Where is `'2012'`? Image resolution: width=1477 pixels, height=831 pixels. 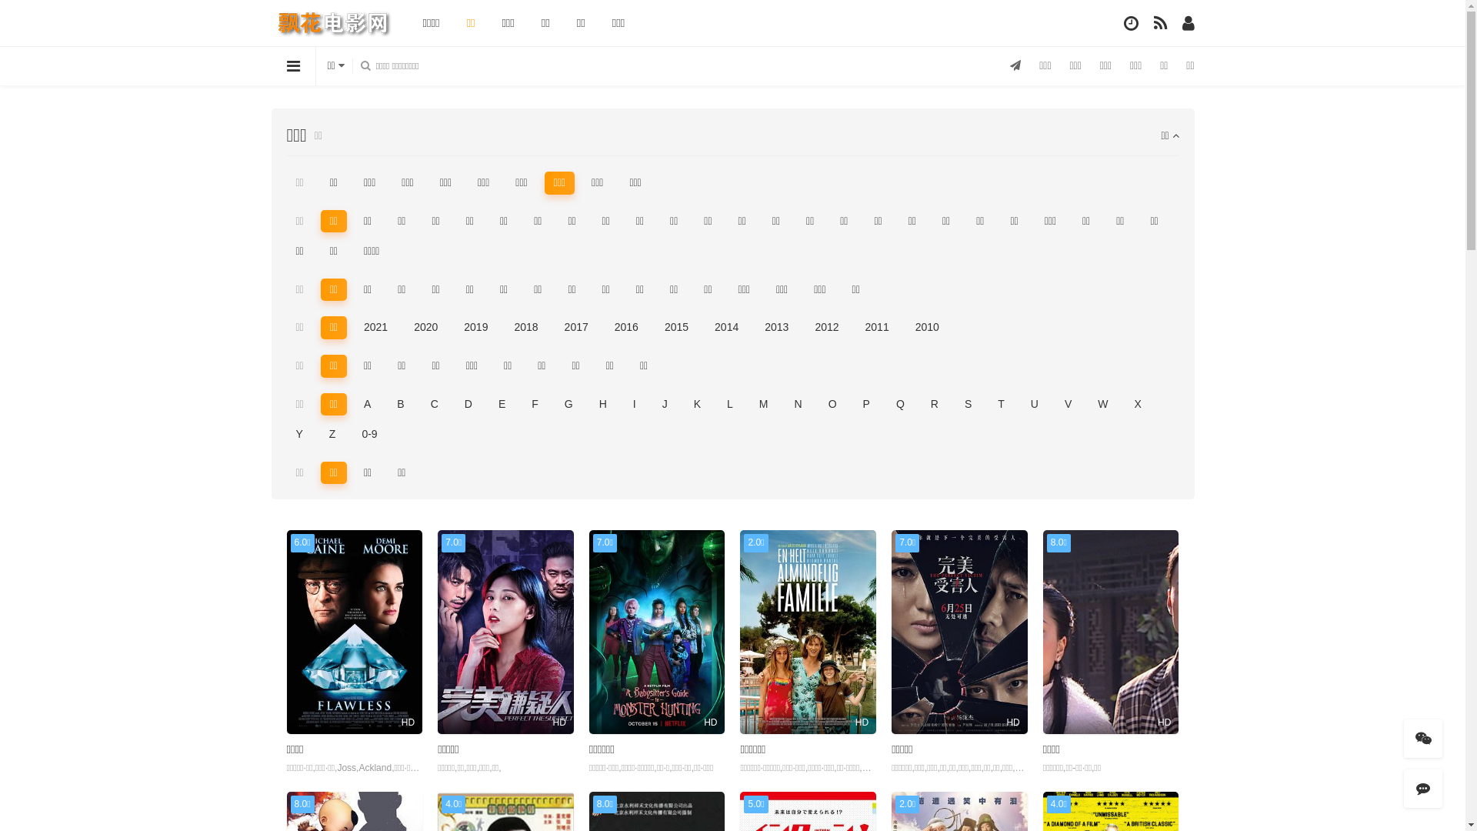 '2012' is located at coordinates (825, 326).